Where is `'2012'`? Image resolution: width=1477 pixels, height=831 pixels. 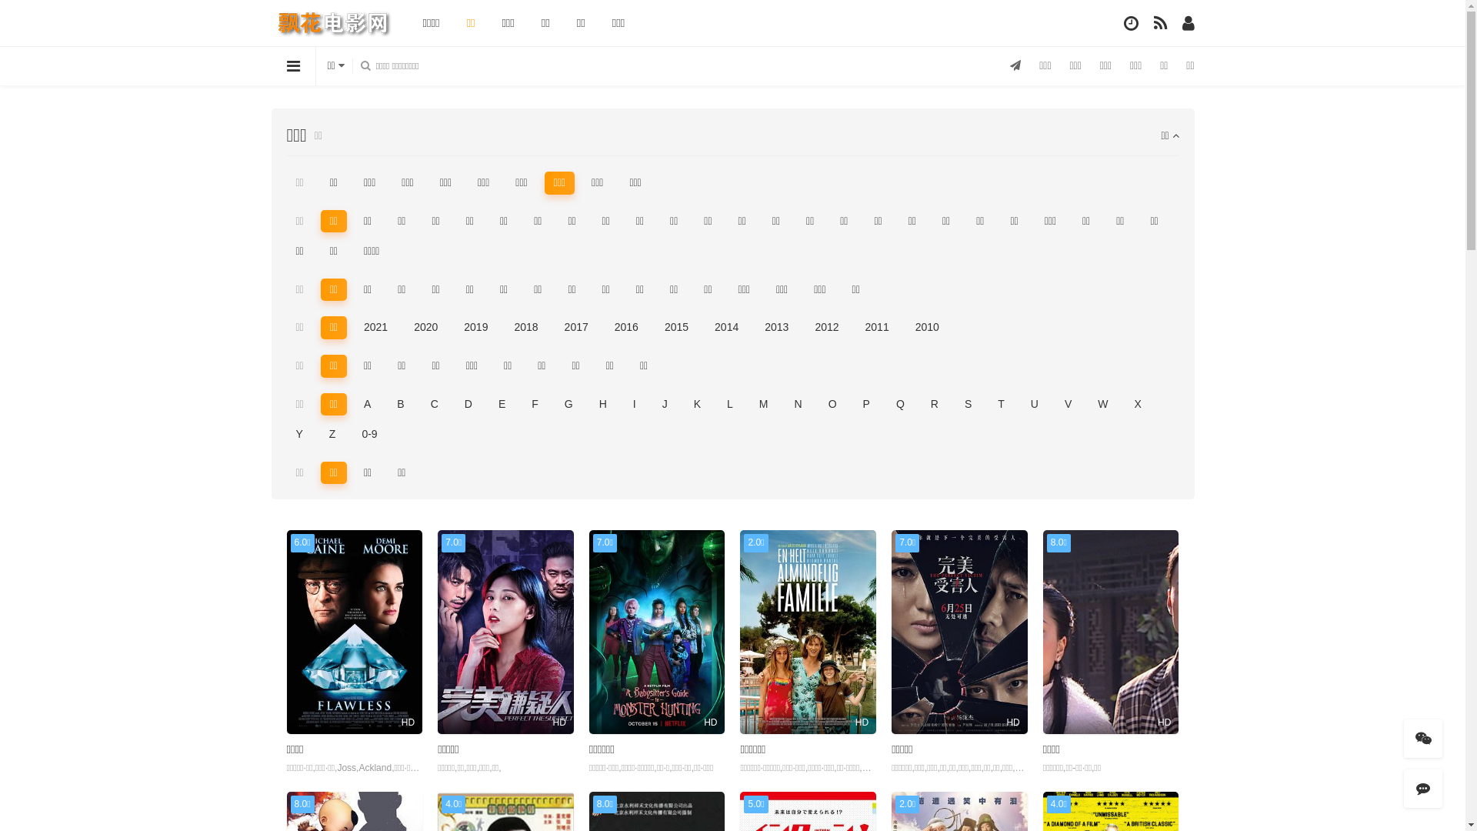 '2012' is located at coordinates (825, 326).